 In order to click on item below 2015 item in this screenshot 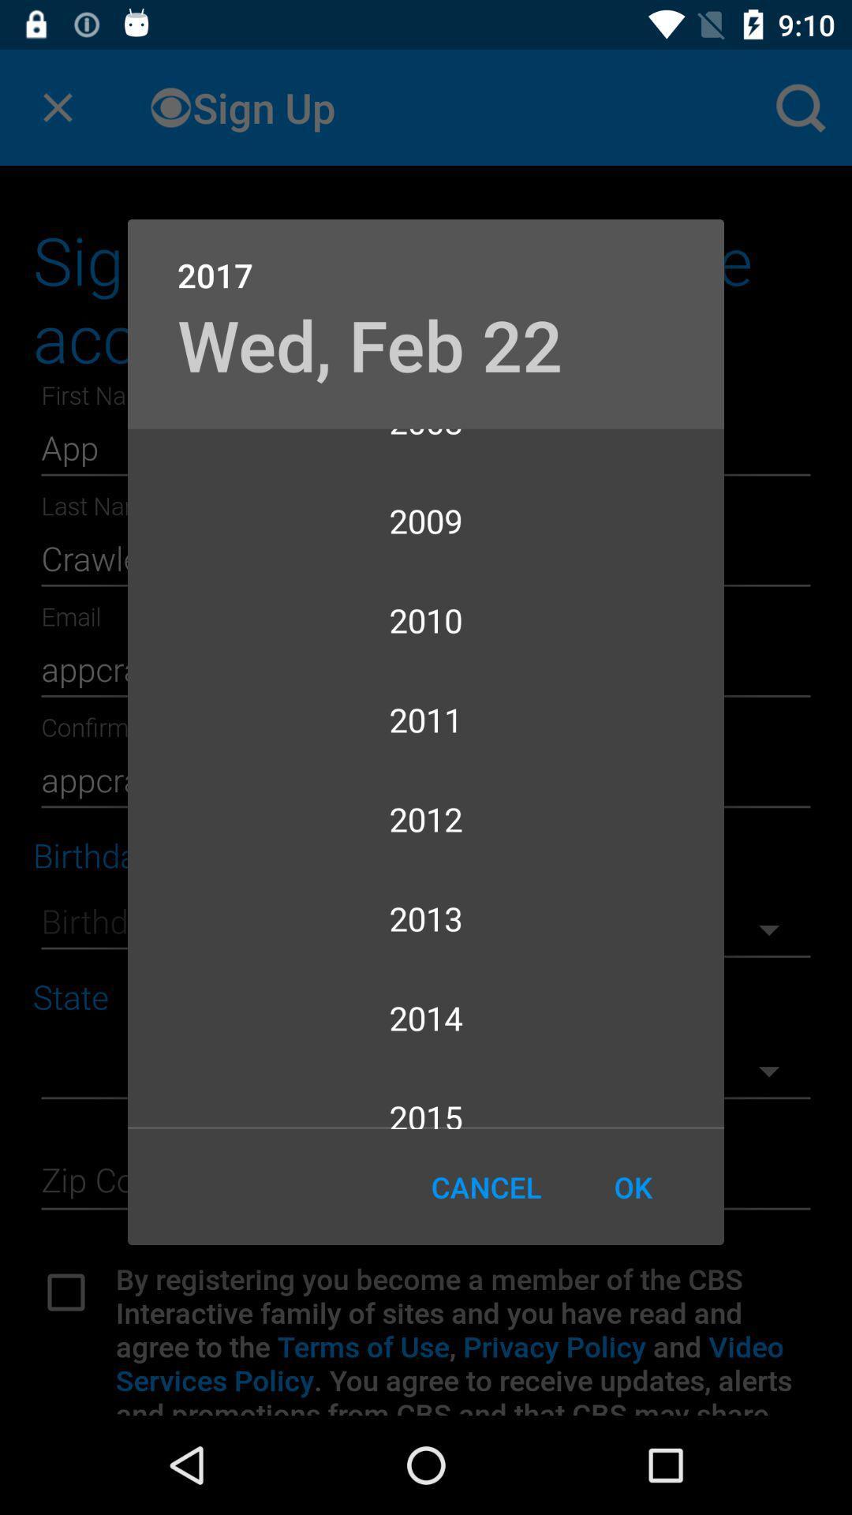, I will do `click(632, 1187)`.